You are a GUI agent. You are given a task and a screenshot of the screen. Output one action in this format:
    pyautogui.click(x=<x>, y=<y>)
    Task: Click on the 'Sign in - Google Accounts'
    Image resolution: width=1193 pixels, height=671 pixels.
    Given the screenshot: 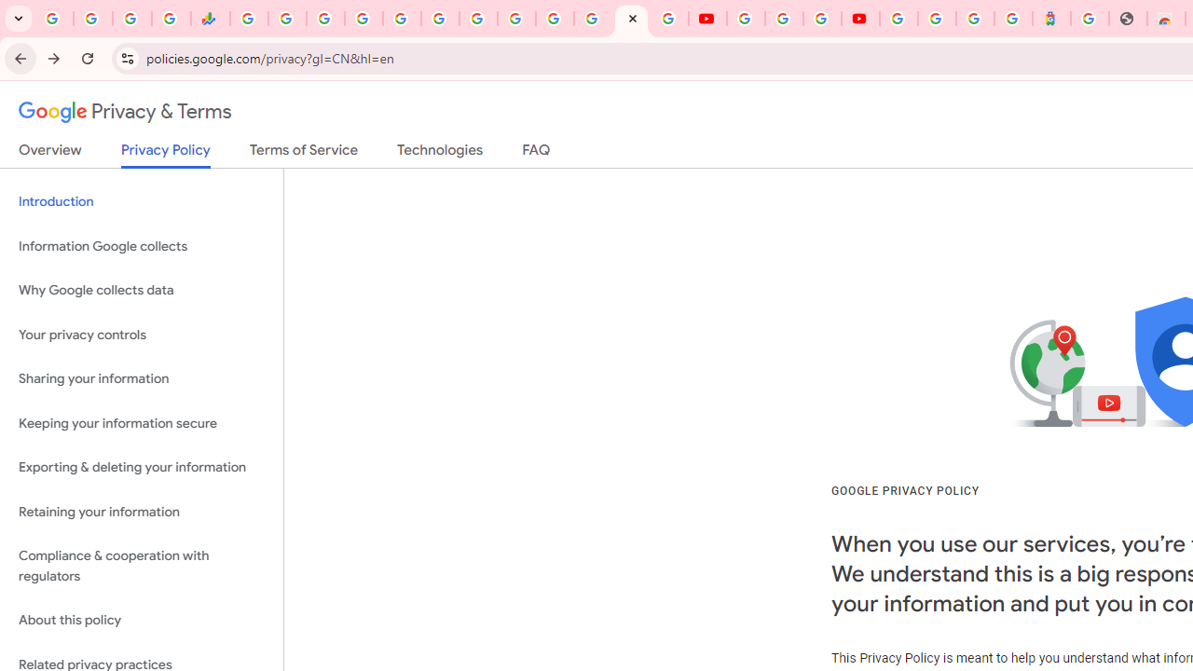 What is the action you would take?
    pyautogui.click(x=937, y=19)
    